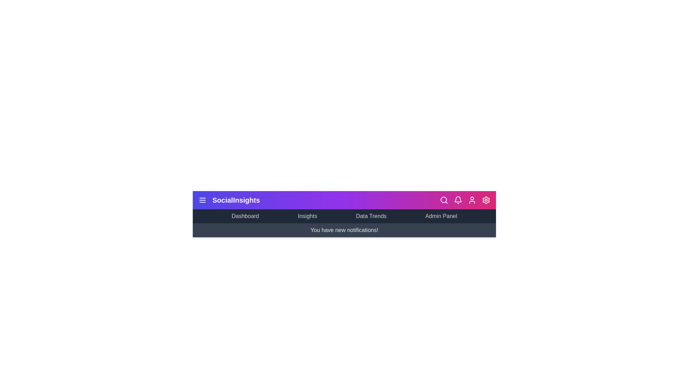  Describe the element at coordinates (245, 216) in the screenshot. I see `the 'Dashboard' menu item` at that location.